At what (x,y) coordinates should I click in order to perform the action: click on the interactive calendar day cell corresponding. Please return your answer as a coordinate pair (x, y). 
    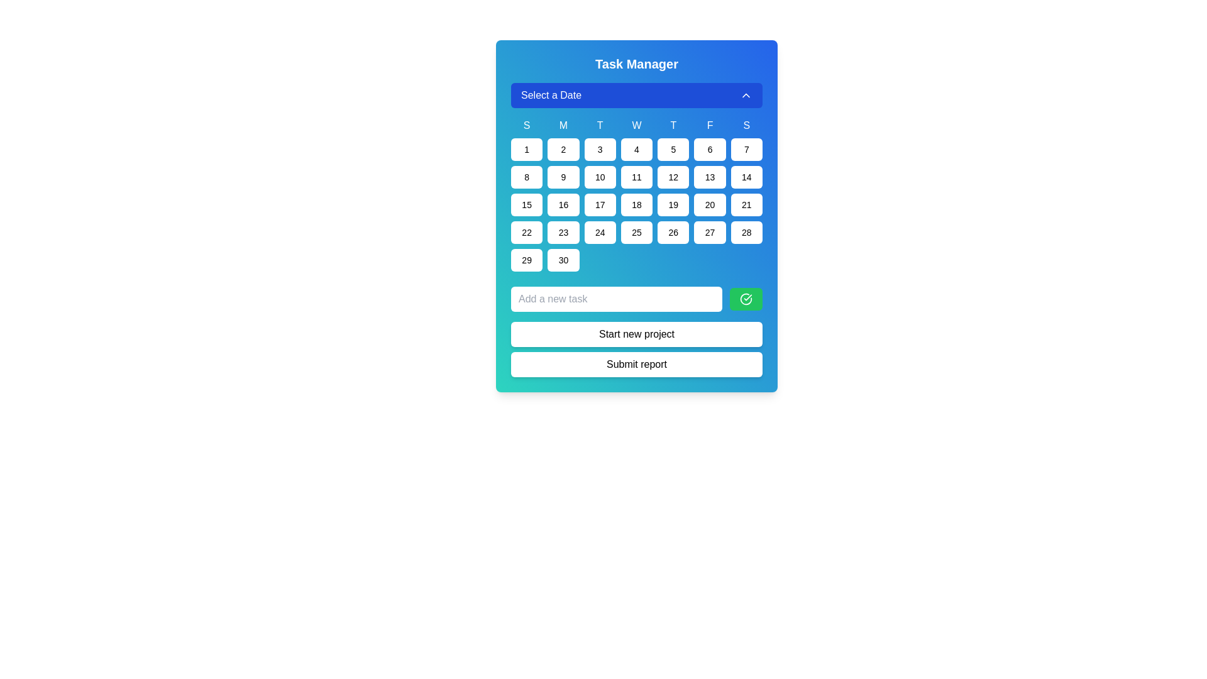
    Looking at the image, I should click on (746, 149).